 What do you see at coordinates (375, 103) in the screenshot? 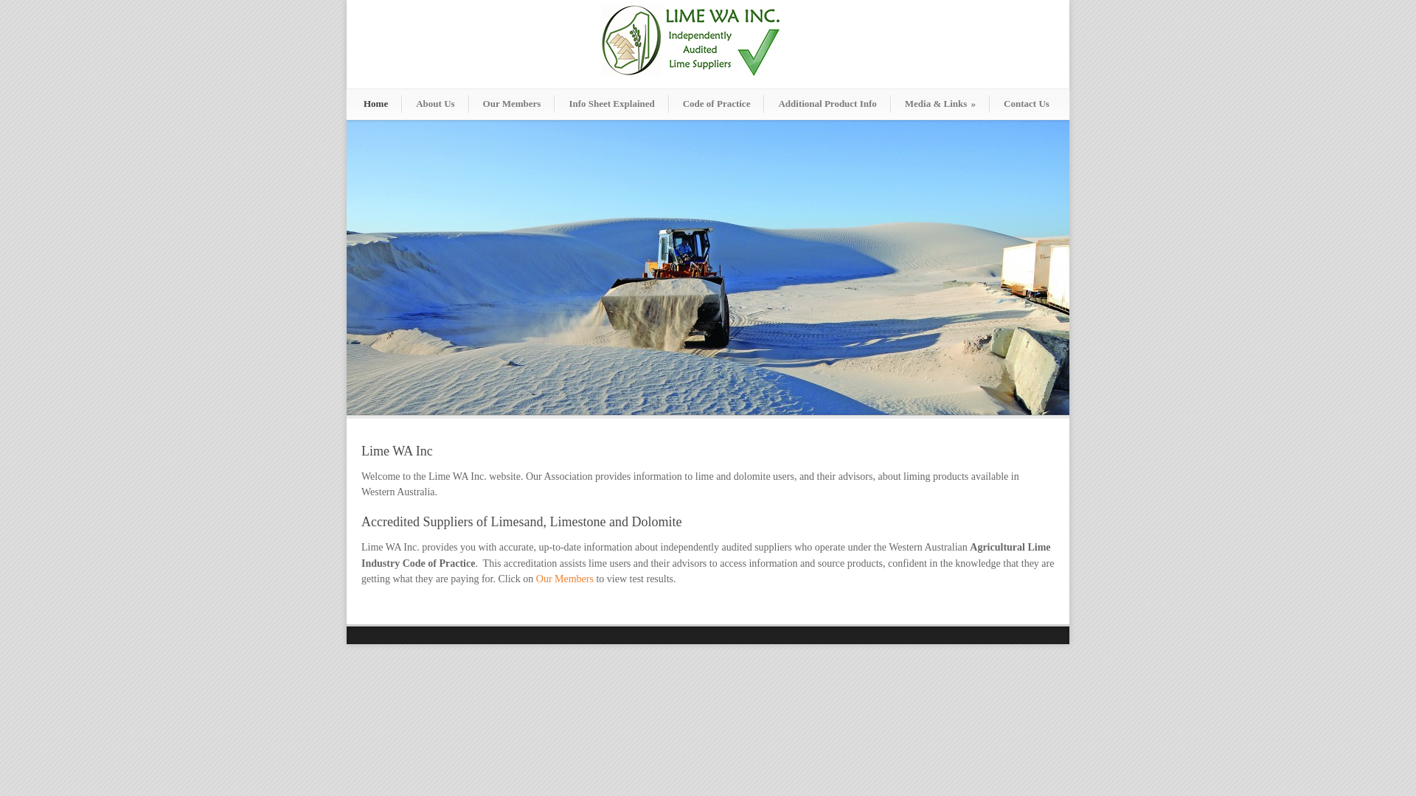
I see `'Home'` at bounding box center [375, 103].